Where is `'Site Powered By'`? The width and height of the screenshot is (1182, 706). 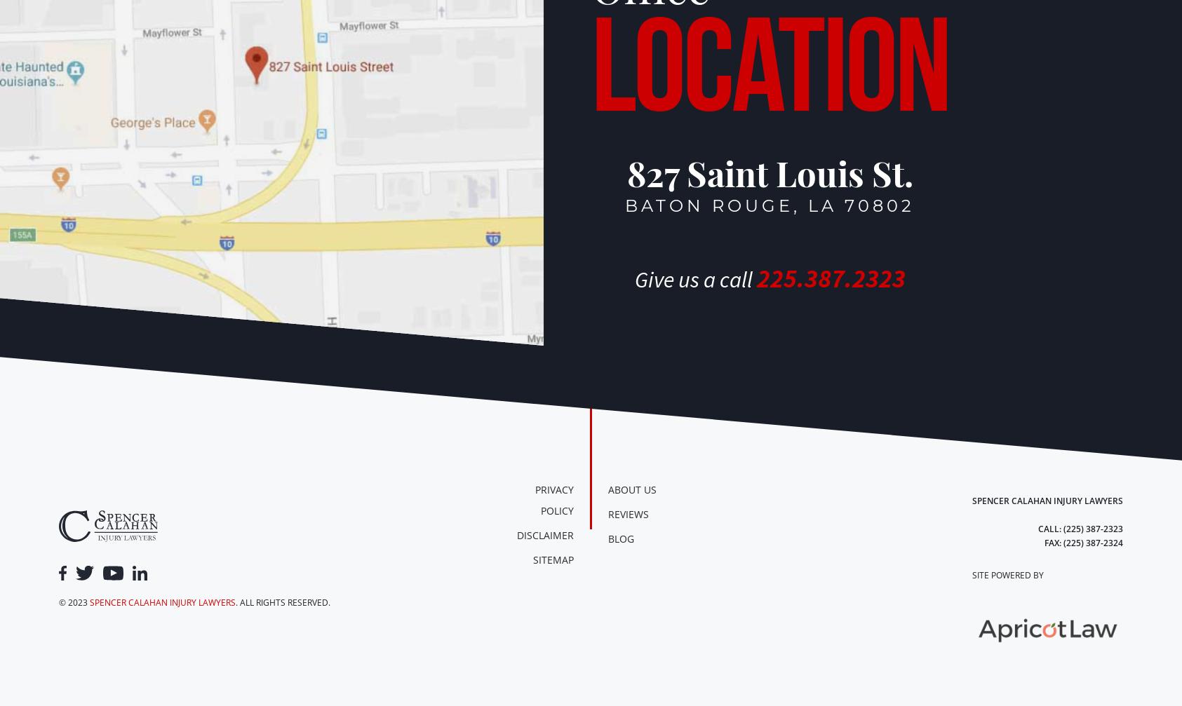 'Site Powered By' is located at coordinates (1006, 574).